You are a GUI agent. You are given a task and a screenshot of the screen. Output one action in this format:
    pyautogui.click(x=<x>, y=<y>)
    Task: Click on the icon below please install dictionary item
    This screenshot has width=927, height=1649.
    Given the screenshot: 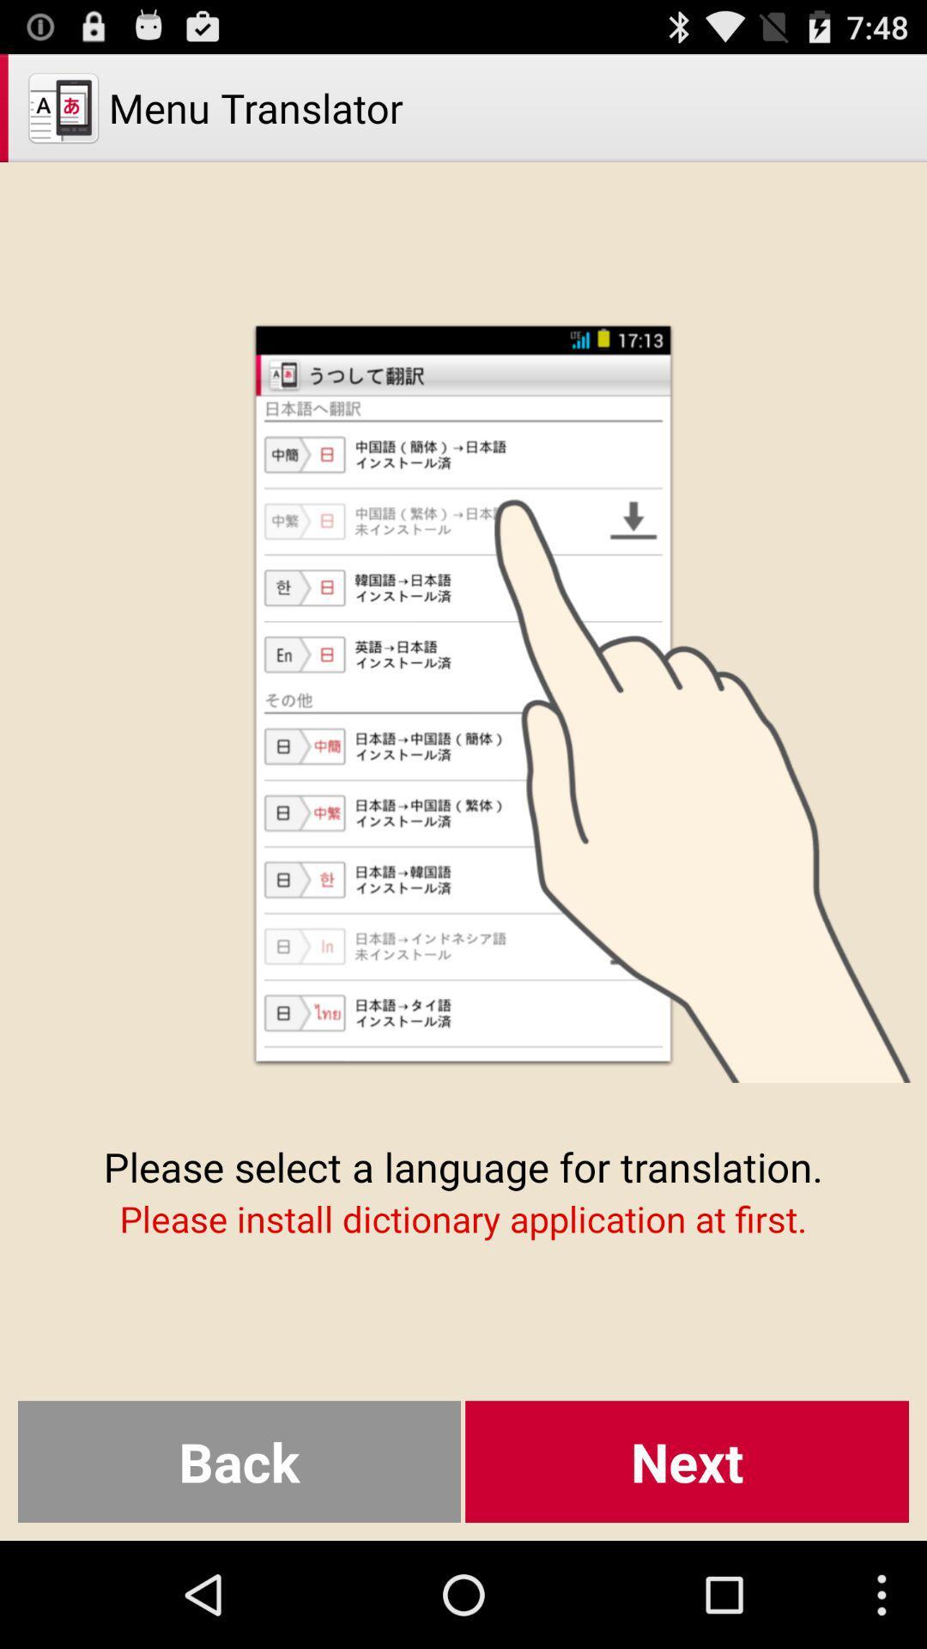 What is the action you would take?
    pyautogui.click(x=239, y=1461)
    